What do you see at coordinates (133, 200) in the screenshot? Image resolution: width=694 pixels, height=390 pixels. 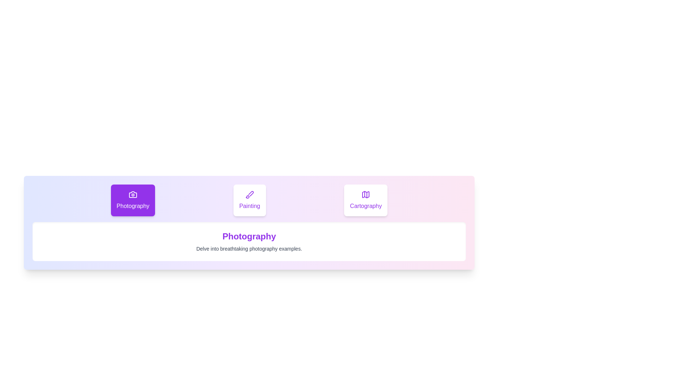 I see `the tab labeled Photography to switch to its content` at bounding box center [133, 200].